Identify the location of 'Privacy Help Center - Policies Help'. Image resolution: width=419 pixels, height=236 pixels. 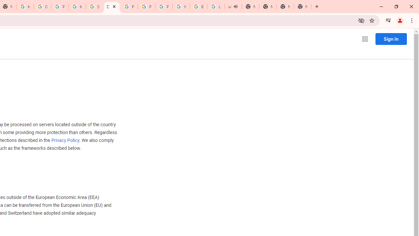
(146, 7).